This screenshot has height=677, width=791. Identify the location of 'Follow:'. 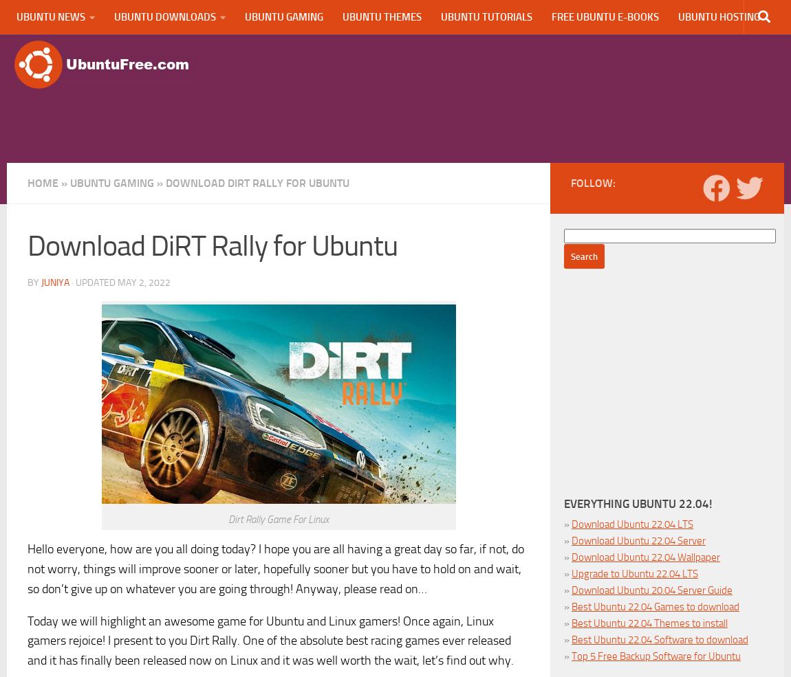
(592, 182).